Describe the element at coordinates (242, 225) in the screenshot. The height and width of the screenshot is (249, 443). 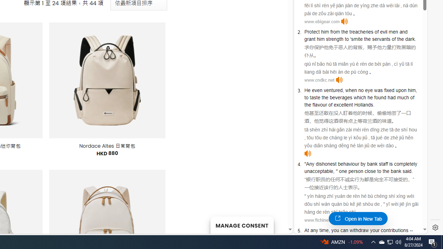
I see `'MANAGE CONSENT'` at that location.